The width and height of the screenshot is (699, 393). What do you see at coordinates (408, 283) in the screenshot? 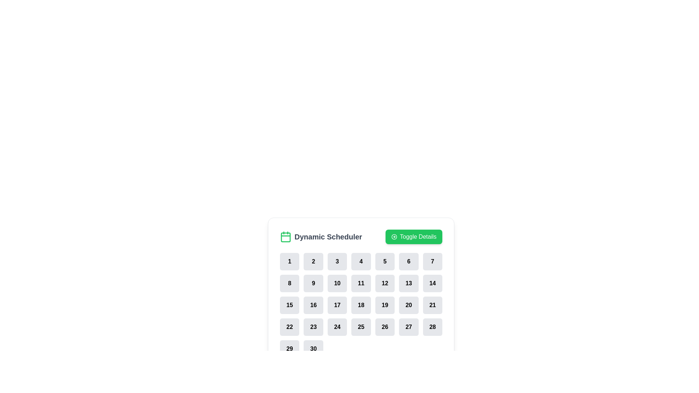
I see `the button labeled '13' which is a rectangular button with rounded corners and a light gray background, featuring the number '13' in bold black text` at bounding box center [408, 283].